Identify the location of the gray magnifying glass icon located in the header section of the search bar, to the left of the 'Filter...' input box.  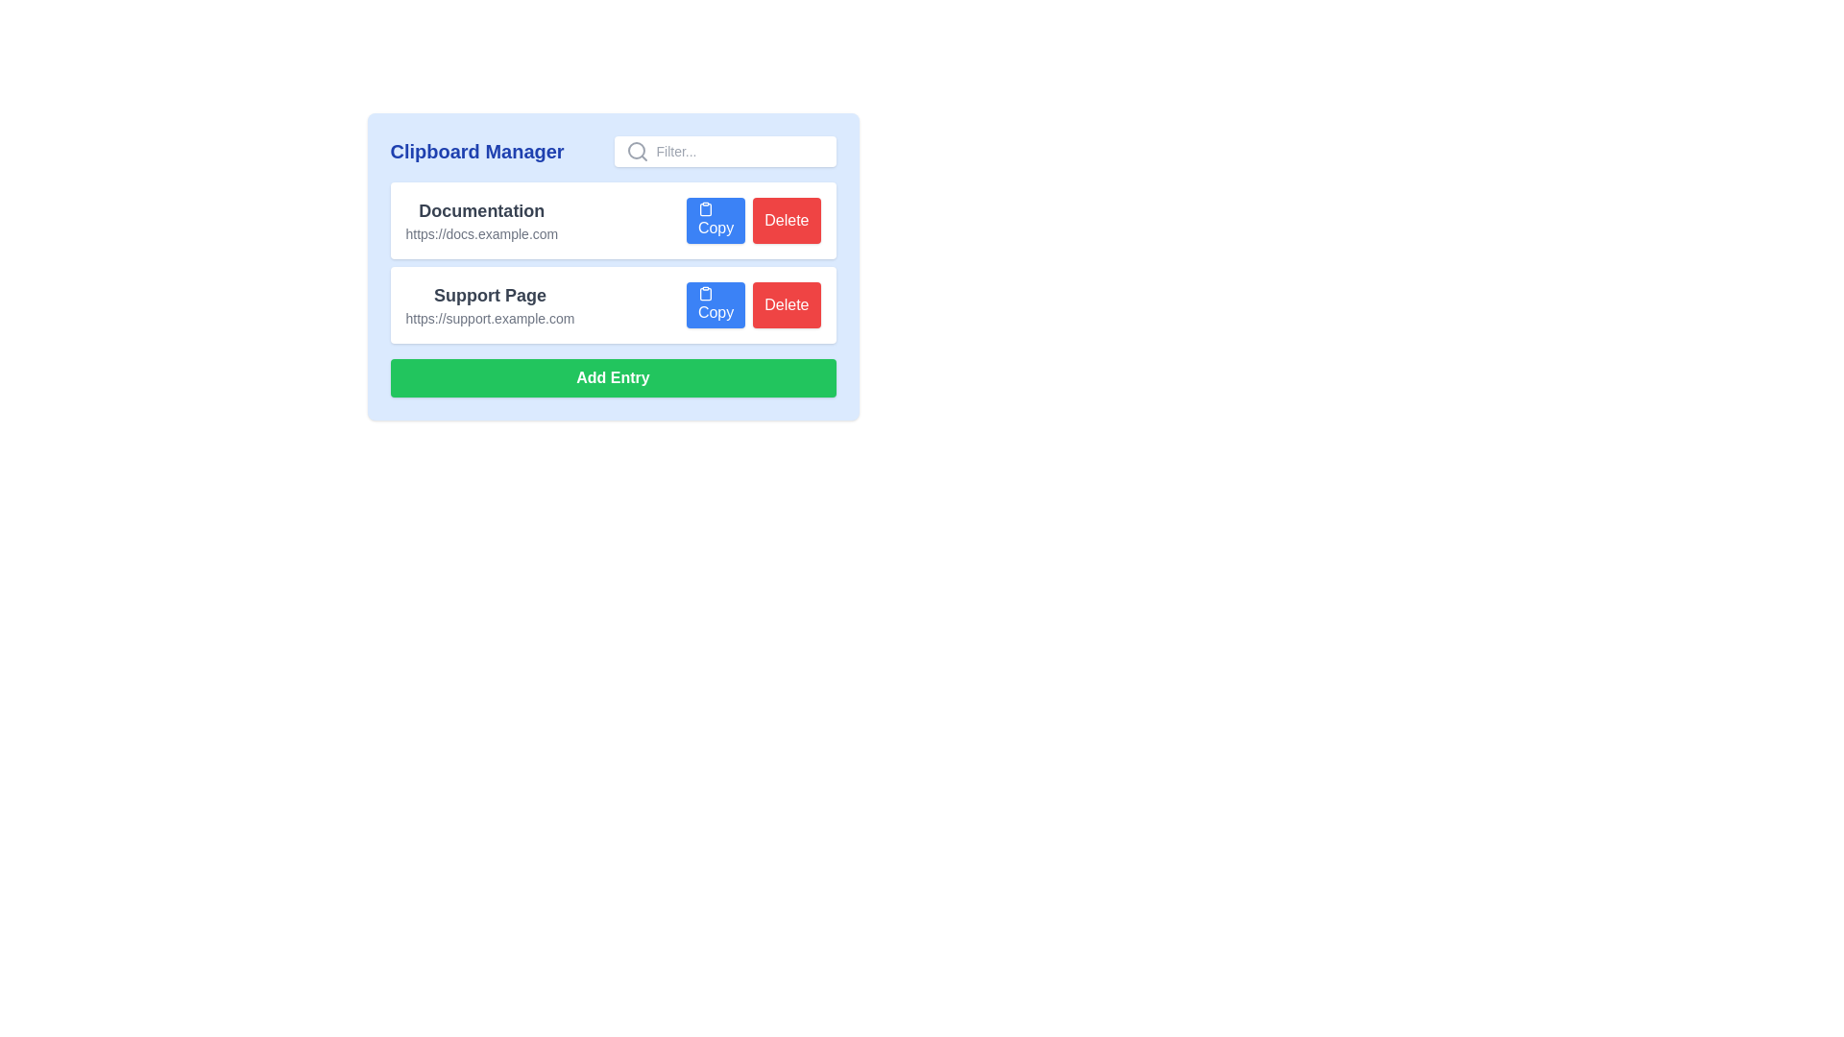
(637, 151).